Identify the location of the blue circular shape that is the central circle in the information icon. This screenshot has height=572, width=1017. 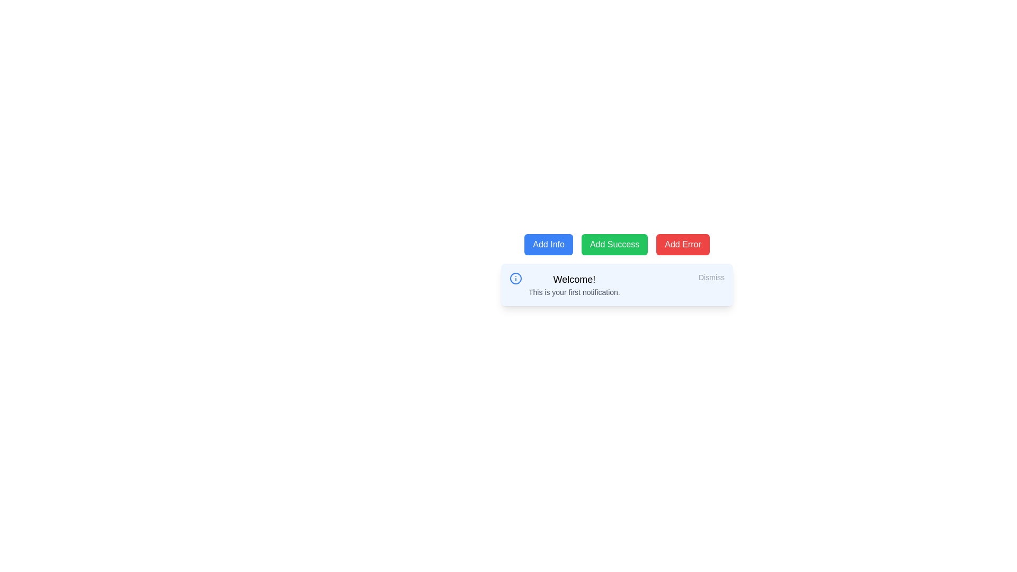
(516, 278).